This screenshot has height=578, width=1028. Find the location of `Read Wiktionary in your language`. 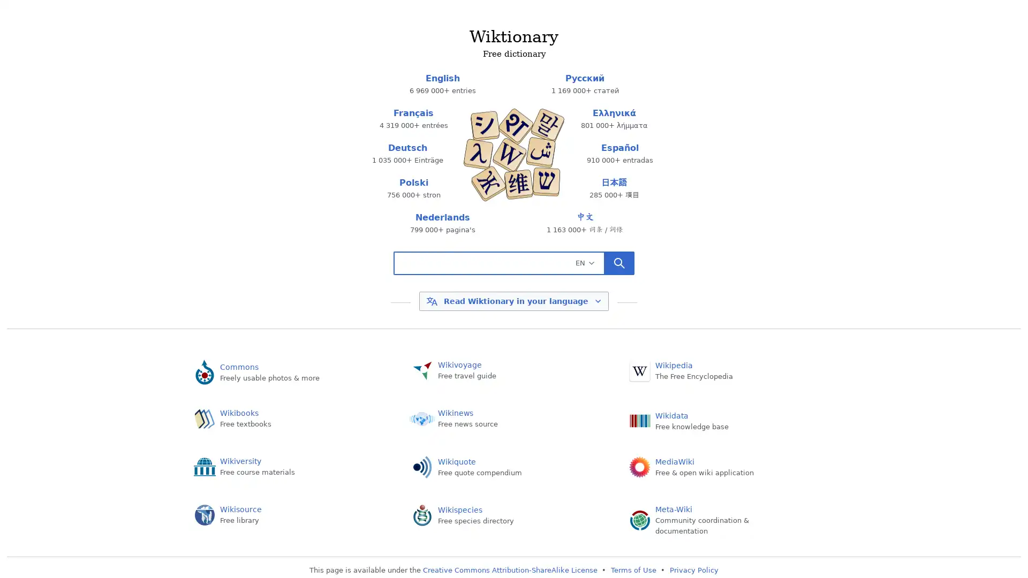

Read Wiktionary in your language is located at coordinates (513, 301).